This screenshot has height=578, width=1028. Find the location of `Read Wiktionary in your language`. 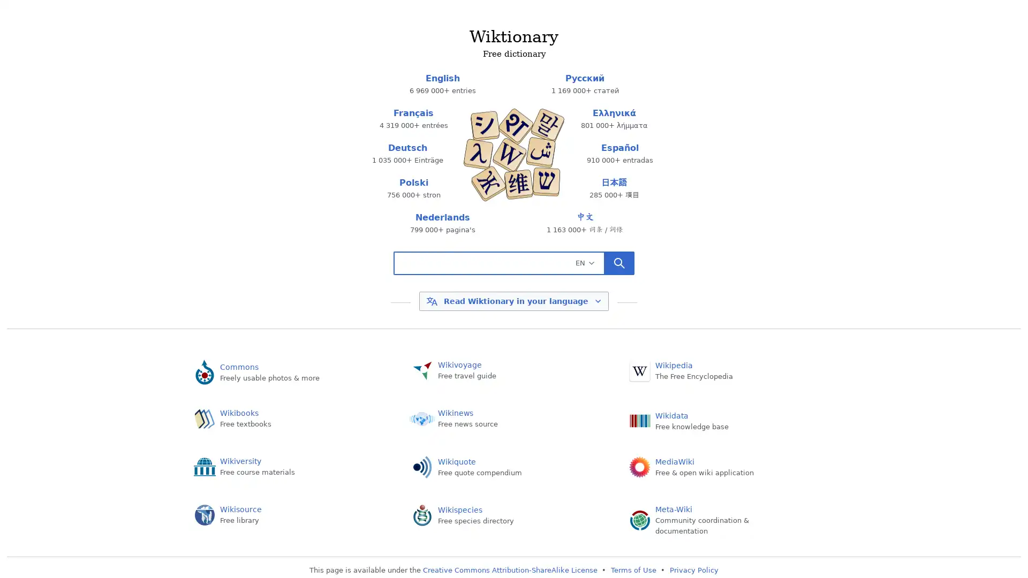

Read Wiktionary in your language is located at coordinates (513, 301).